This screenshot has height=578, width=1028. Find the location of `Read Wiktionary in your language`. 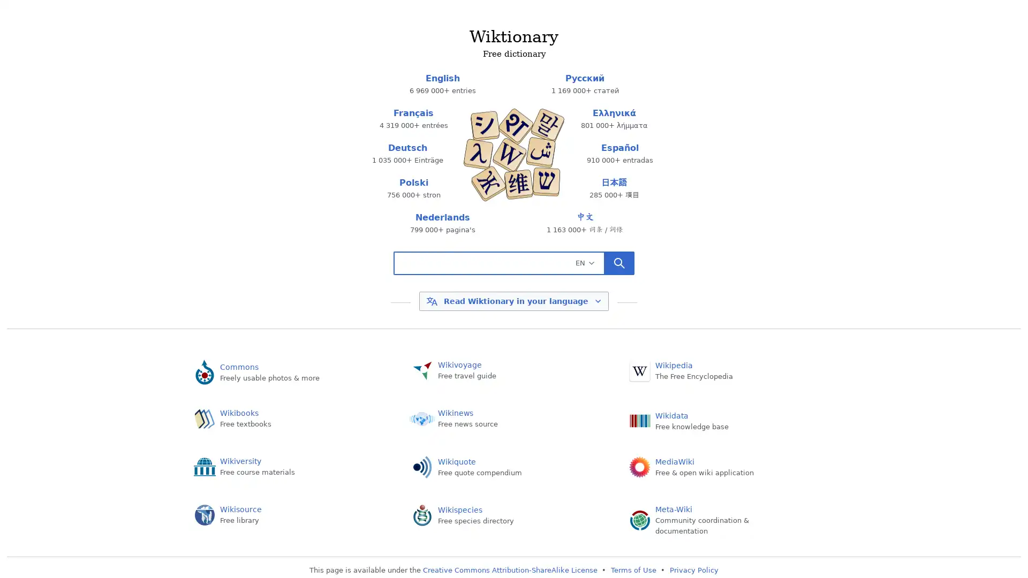

Read Wiktionary in your language is located at coordinates (513, 301).